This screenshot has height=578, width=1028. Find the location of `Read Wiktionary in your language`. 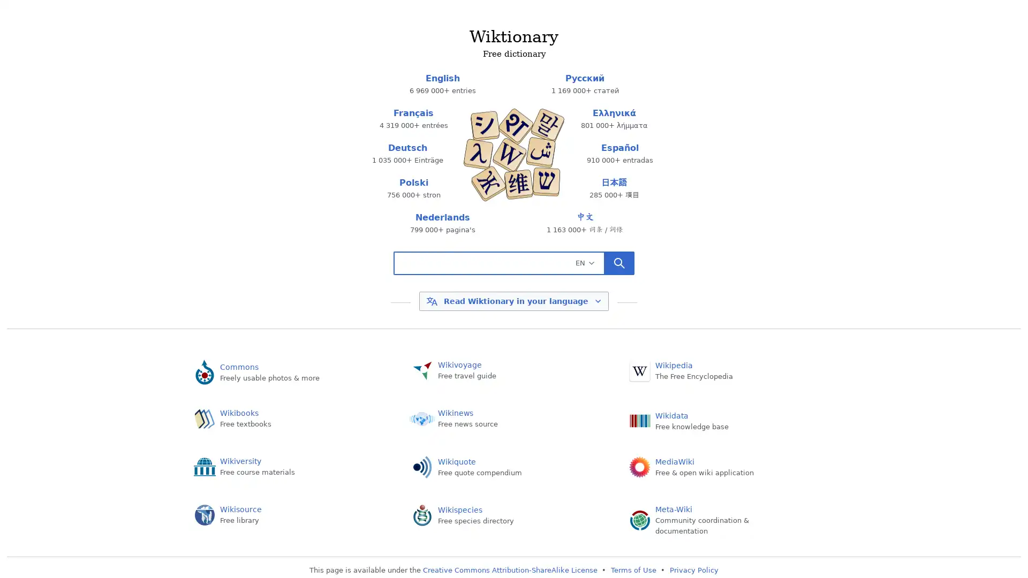

Read Wiktionary in your language is located at coordinates (513, 301).